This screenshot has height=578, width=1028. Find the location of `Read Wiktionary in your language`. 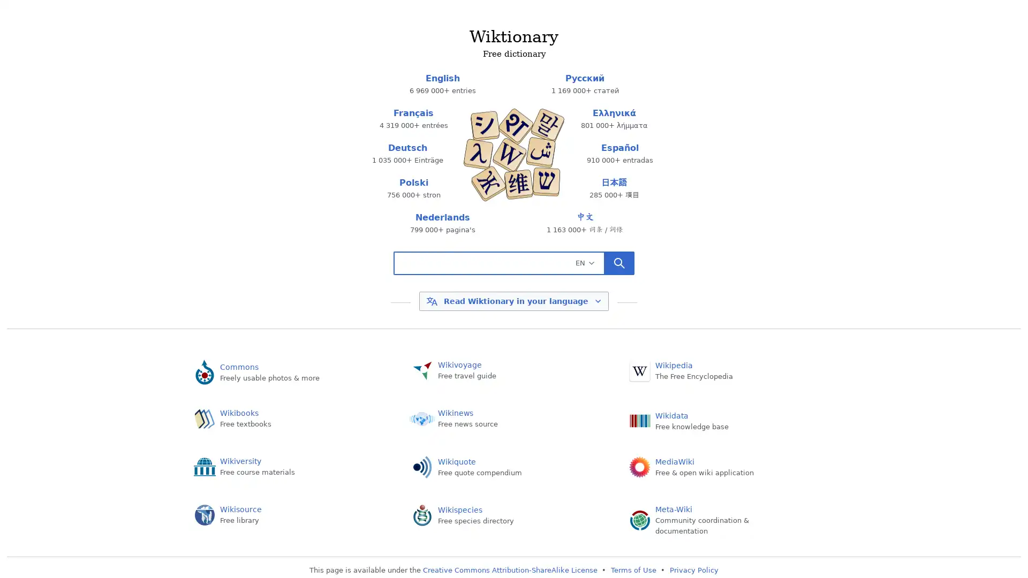

Read Wiktionary in your language is located at coordinates (513, 301).